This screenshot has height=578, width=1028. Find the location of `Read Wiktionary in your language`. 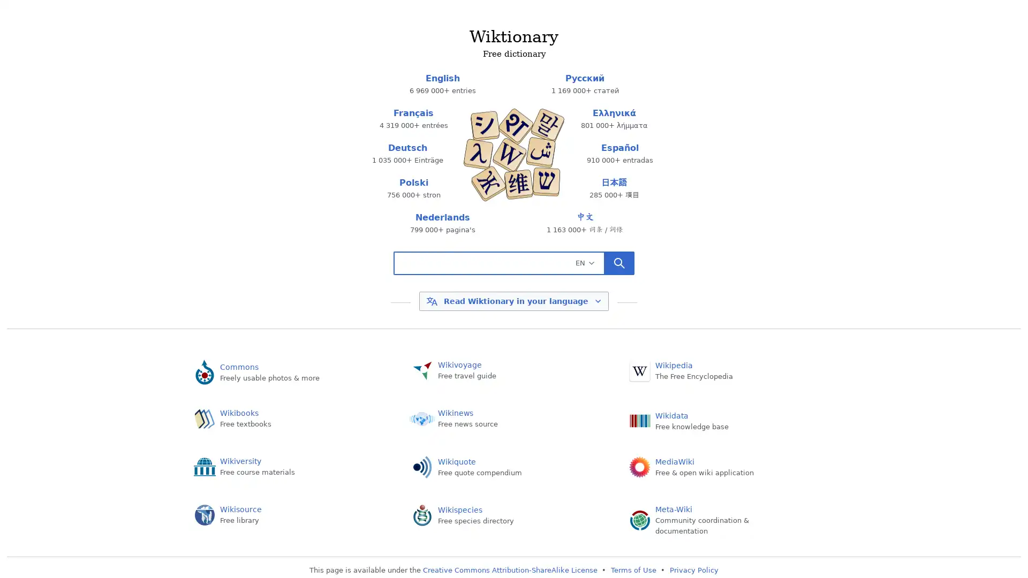

Read Wiktionary in your language is located at coordinates (513, 301).